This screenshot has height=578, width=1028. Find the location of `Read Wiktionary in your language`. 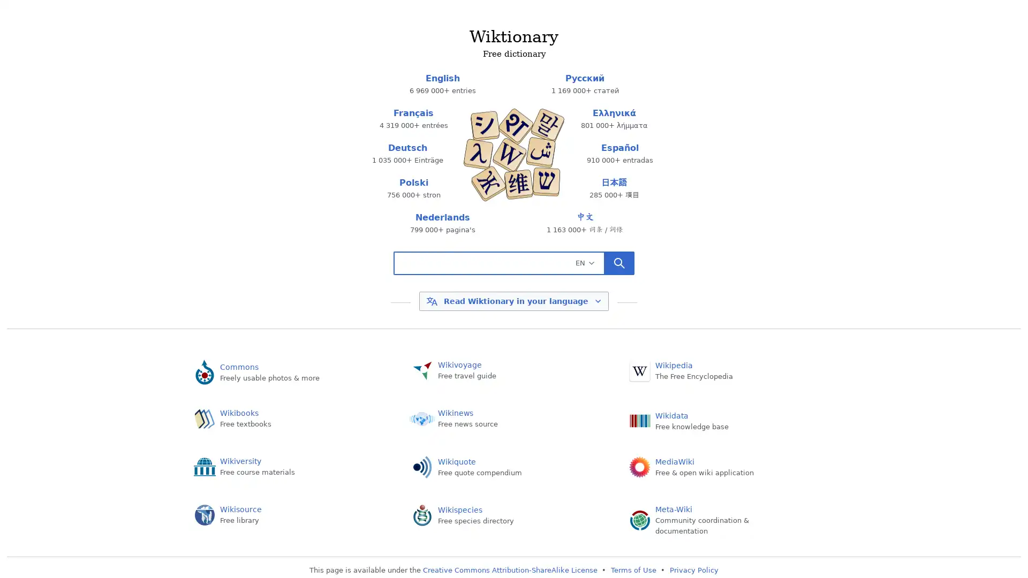

Read Wiktionary in your language is located at coordinates (513, 301).